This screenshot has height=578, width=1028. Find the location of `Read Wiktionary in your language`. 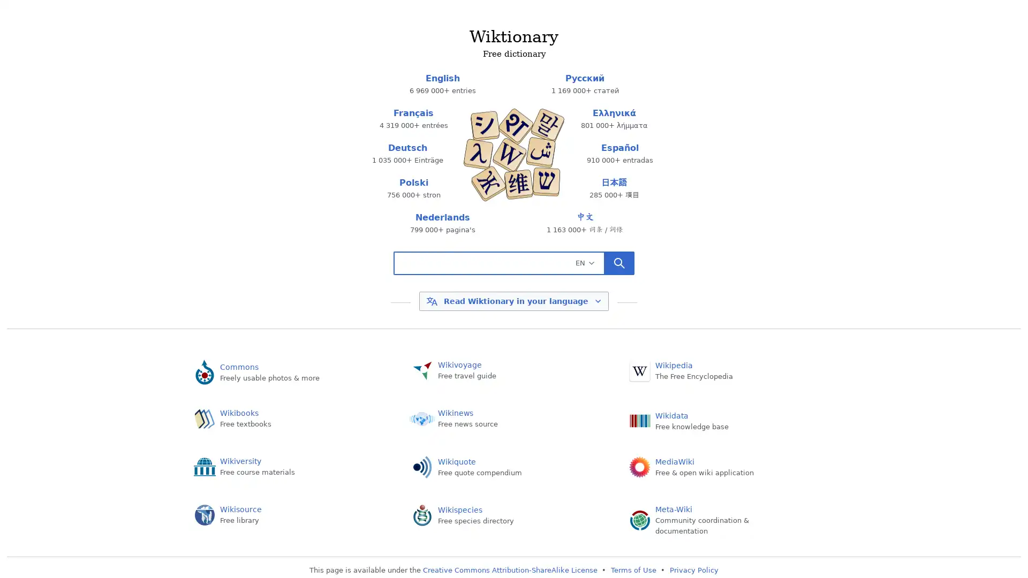

Read Wiktionary in your language is located at coordinates (513, 301).